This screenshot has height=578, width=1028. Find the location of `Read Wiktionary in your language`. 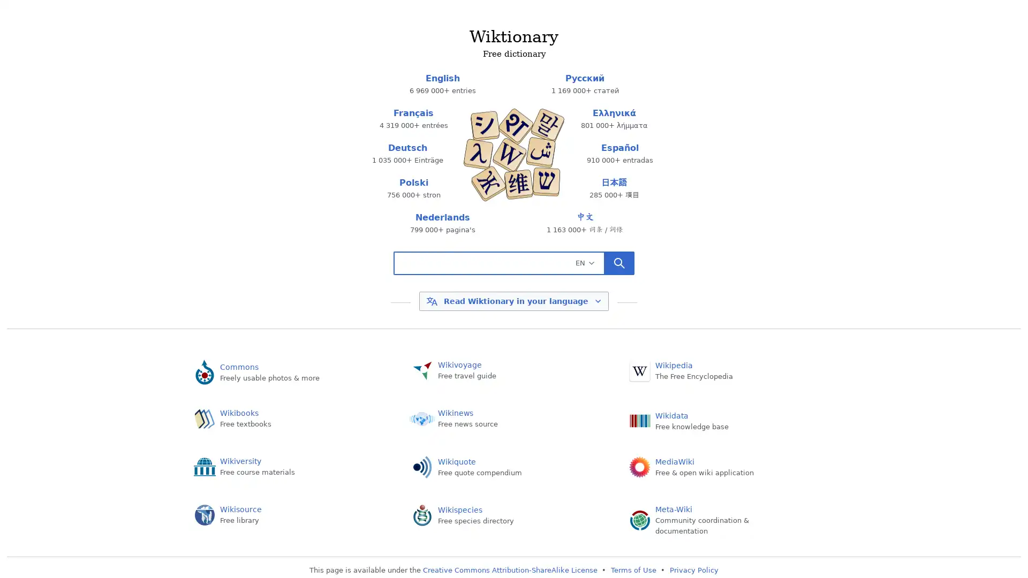

Read Wiktionary in your language is located at coordinates (513, 301).